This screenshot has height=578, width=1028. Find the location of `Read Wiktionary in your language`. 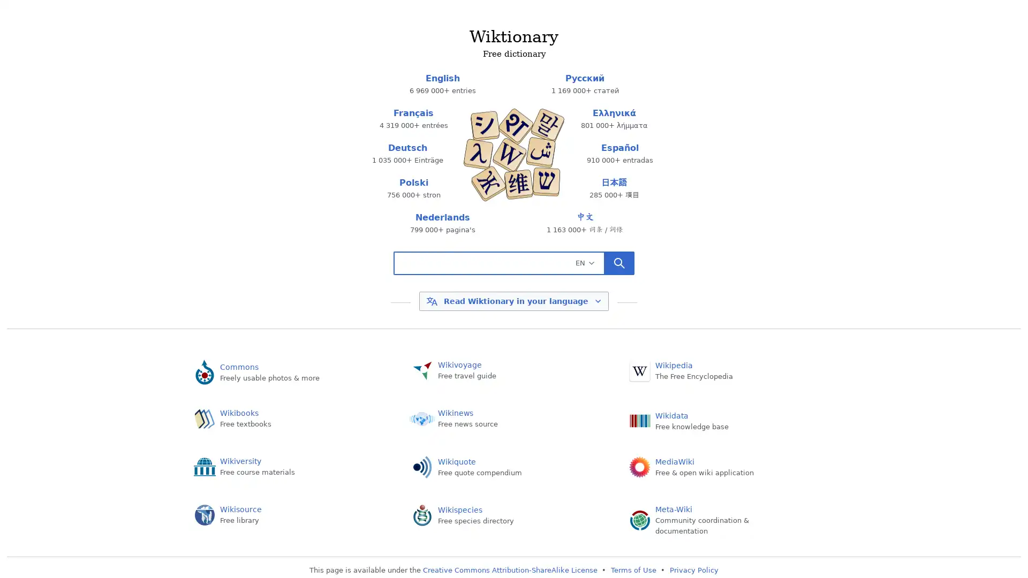

Read Wiktionary in your language is located at coordinates (513, 301).